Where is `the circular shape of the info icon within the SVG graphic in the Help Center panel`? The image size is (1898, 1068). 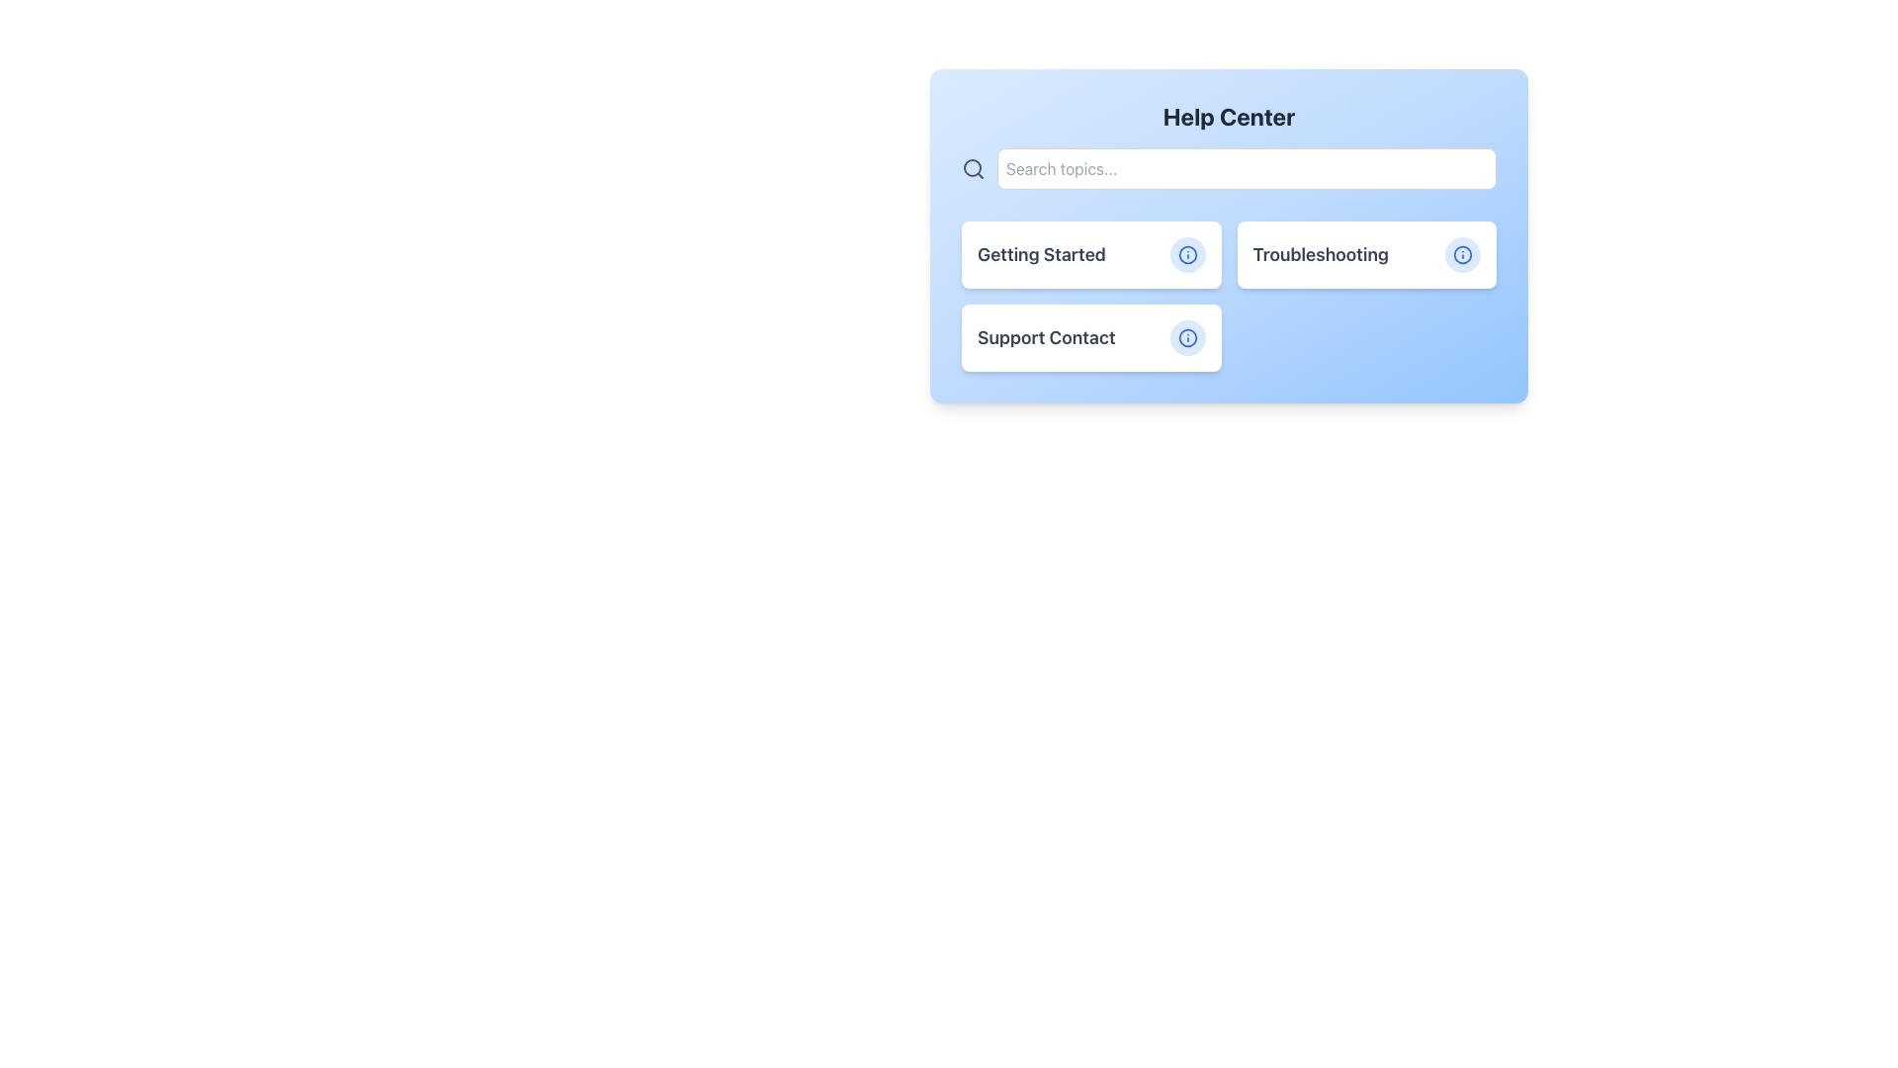
the circular shape of the info icon within the SVG graphic in the Help Center panel is located at coordinates (1462, 254).